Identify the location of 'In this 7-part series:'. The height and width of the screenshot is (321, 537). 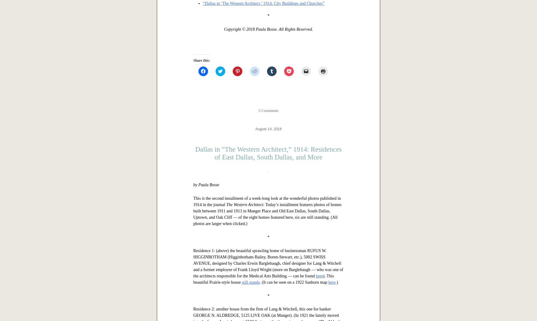
(210, 119).